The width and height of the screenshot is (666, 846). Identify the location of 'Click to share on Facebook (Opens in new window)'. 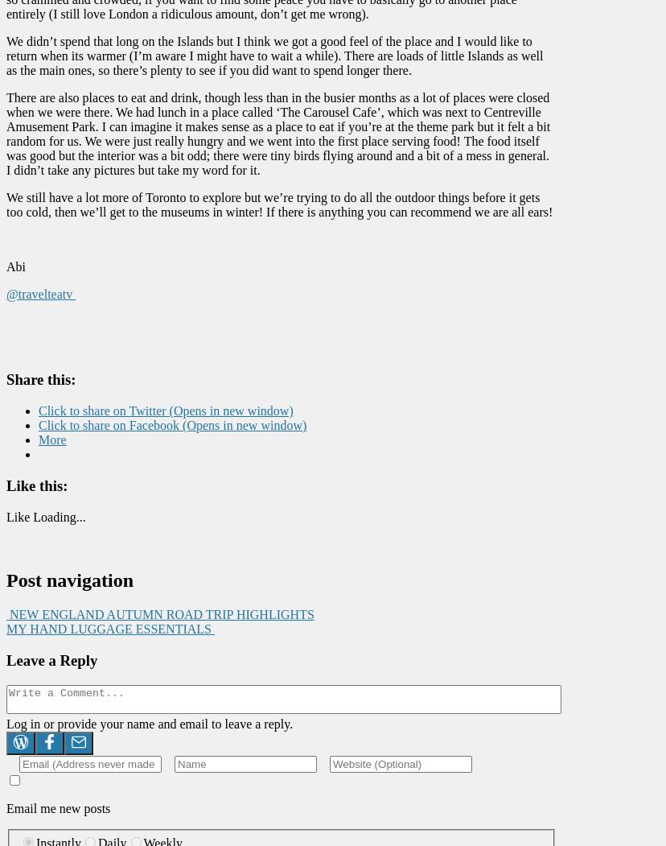
(172, 424).